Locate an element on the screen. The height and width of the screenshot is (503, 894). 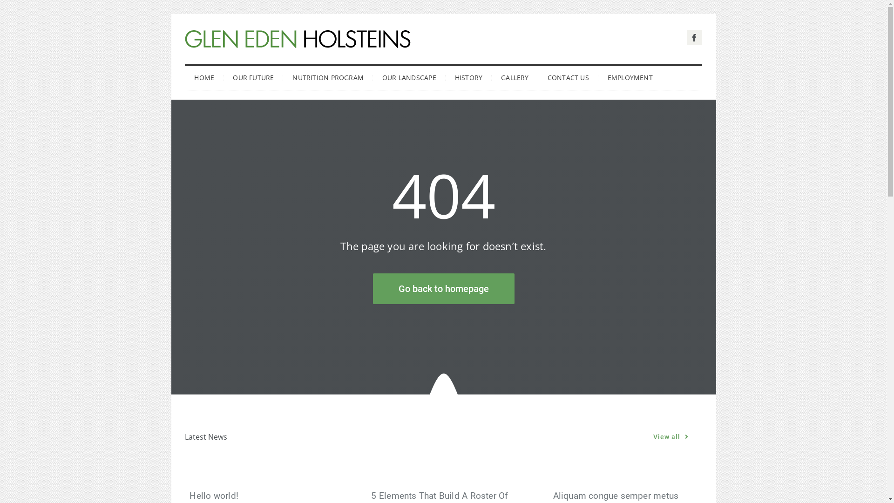
'Hello world!' is located at coordinates (189, 495).